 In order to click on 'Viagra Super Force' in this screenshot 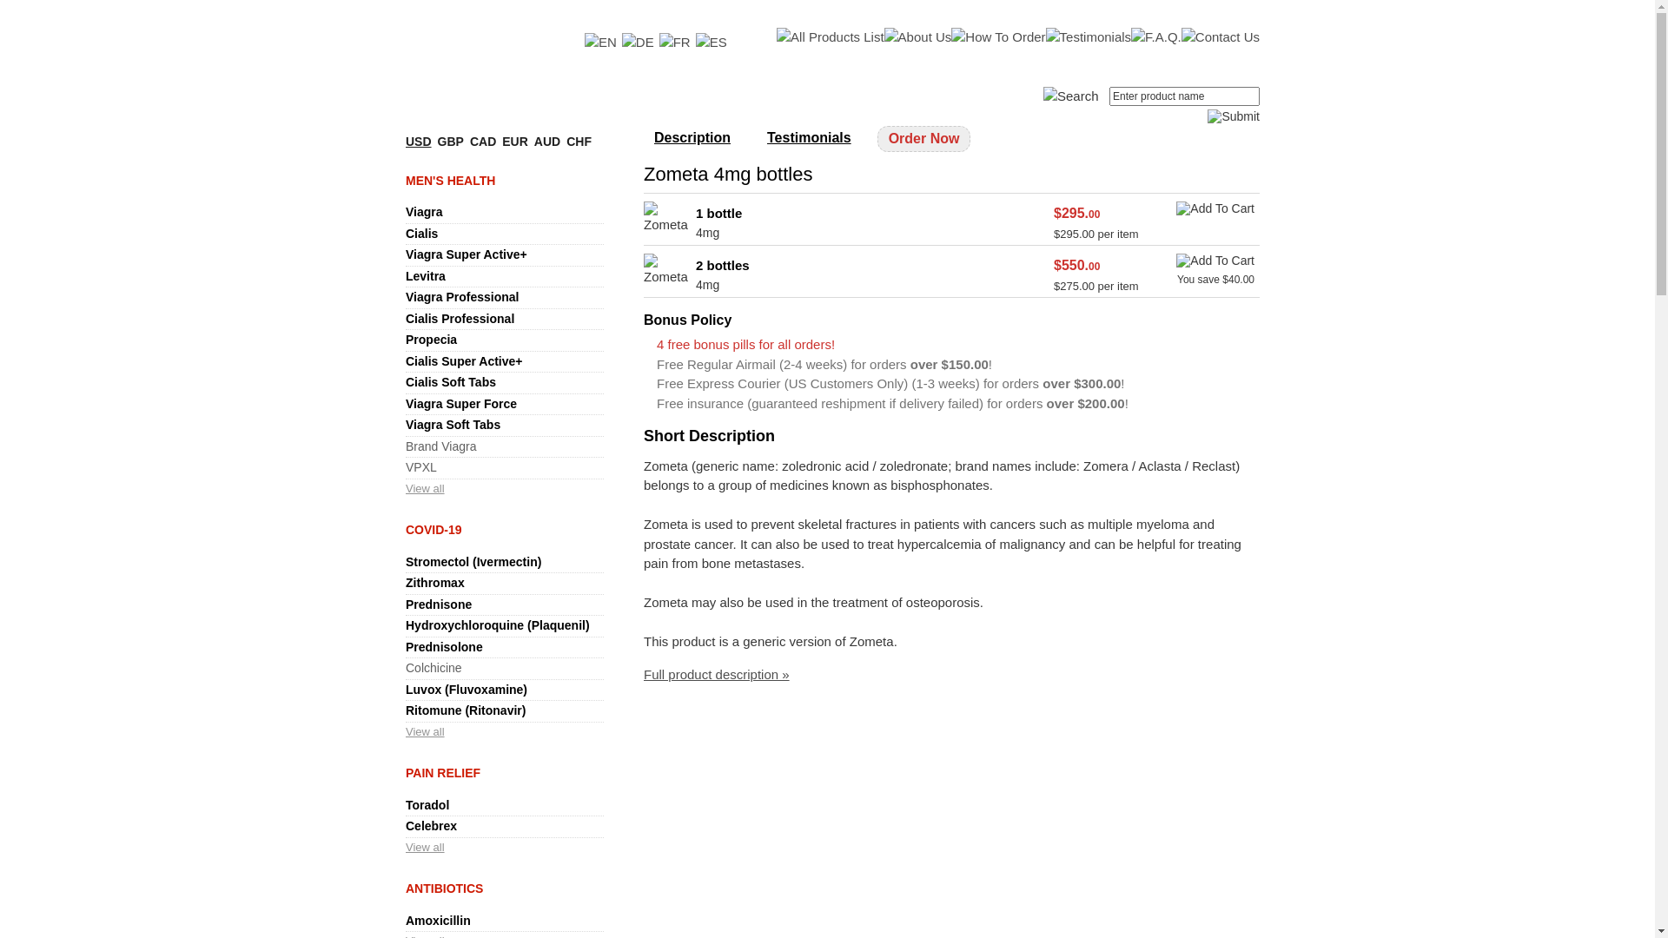, I will do `click(461, 404)`.